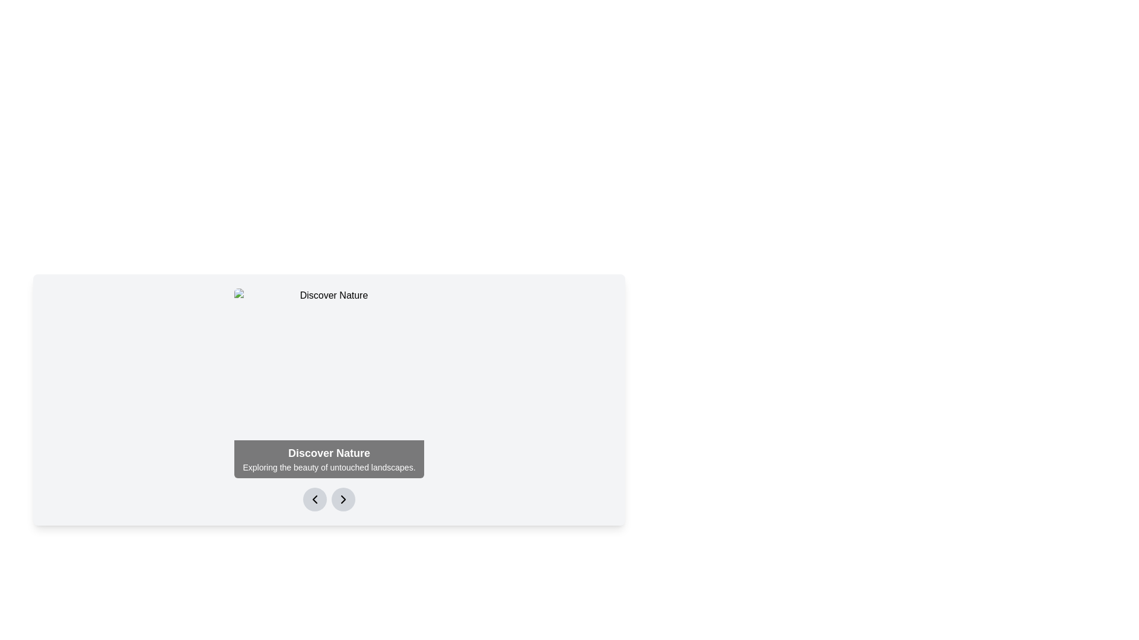 Image resolution: width=1139 pixels, height=640 pixels. Describe the element at coordinates (343, 500) in the screenshot. I see `the second circular button with a gray background and a black right arrow icon, located at the bottom of the 'Discover Nature' card to observe the visual feedback` at that location.